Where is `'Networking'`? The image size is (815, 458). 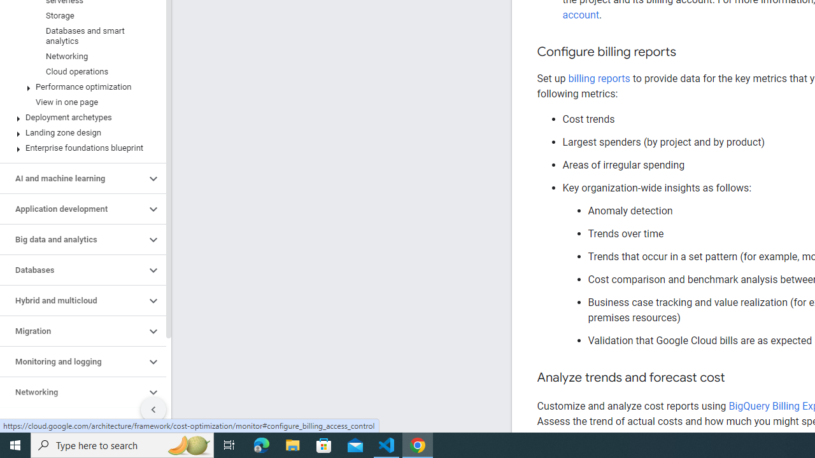
'Networking' is located at coordinates (72, 392).